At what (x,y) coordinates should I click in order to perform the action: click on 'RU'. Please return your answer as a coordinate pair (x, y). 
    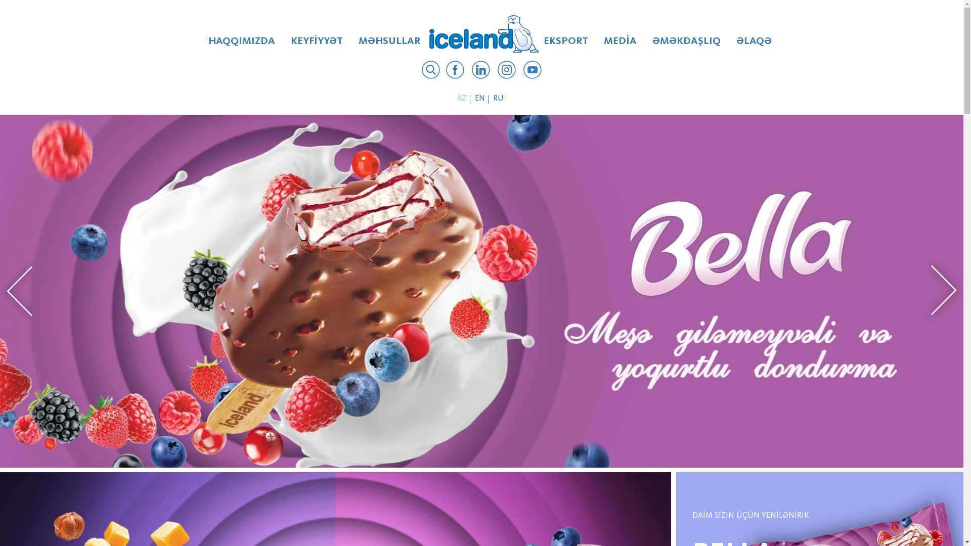
    Looking at the image, I should click on (499, 99).